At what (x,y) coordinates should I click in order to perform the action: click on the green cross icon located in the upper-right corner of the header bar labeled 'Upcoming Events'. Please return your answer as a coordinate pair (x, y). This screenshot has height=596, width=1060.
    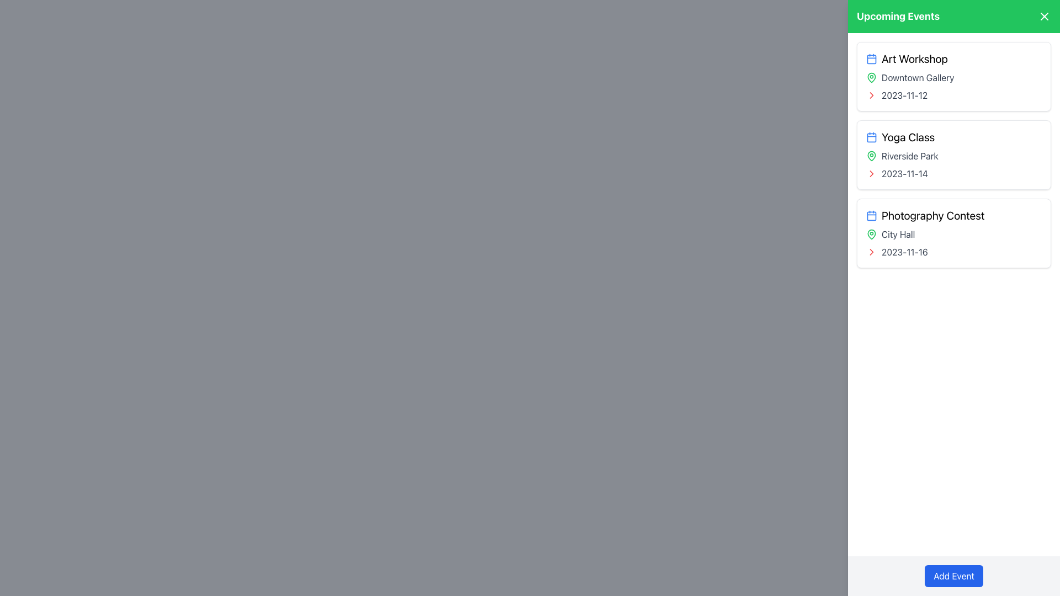
    Looking at the image, I should click on (1043, 17).